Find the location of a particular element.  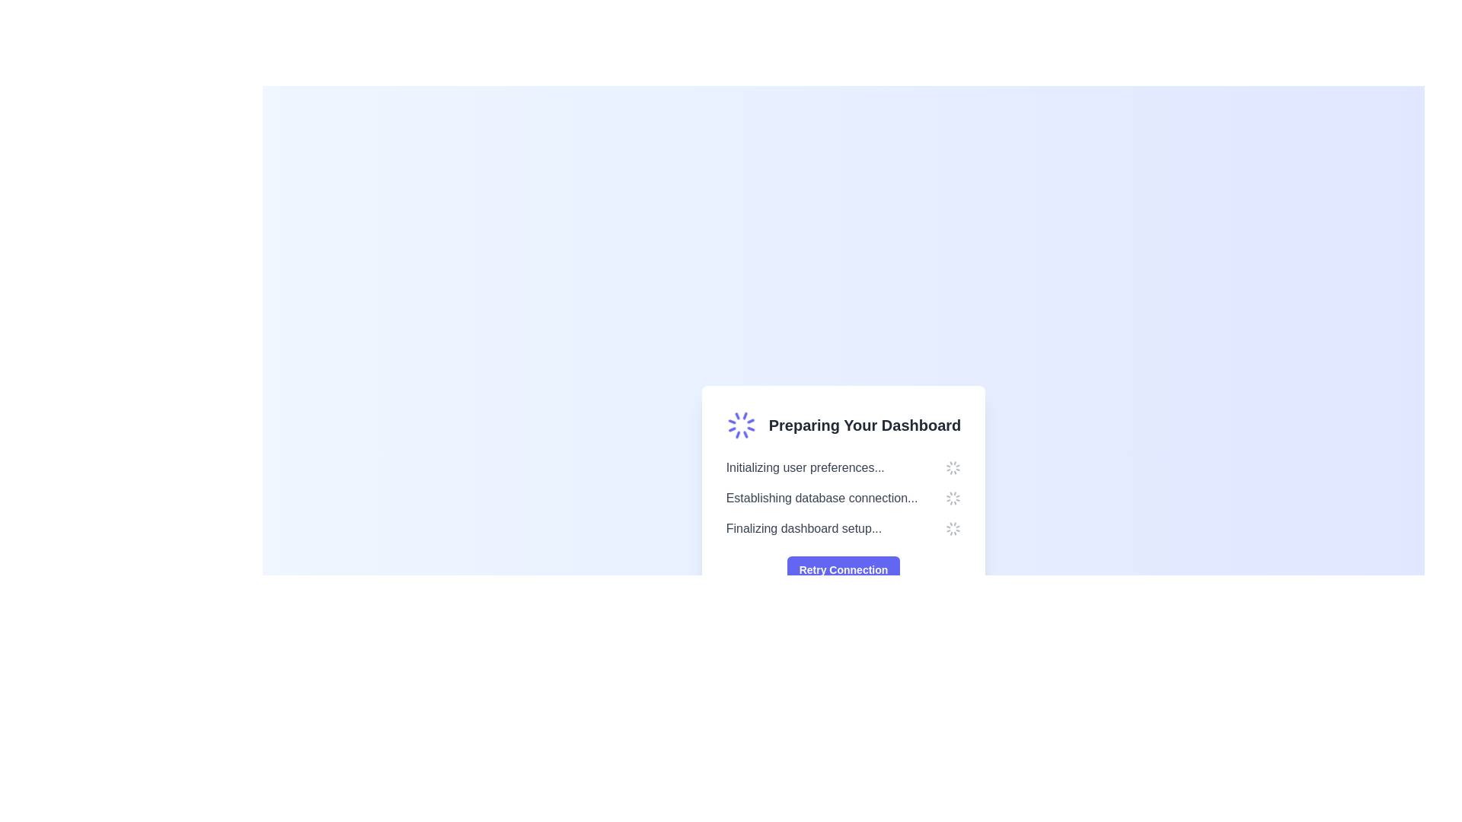

the spinner icon that indicates the process 'Initializing user preferences...' is currently ongoing, located to the right of the corresponding text node is located at coordinates (953, 467).